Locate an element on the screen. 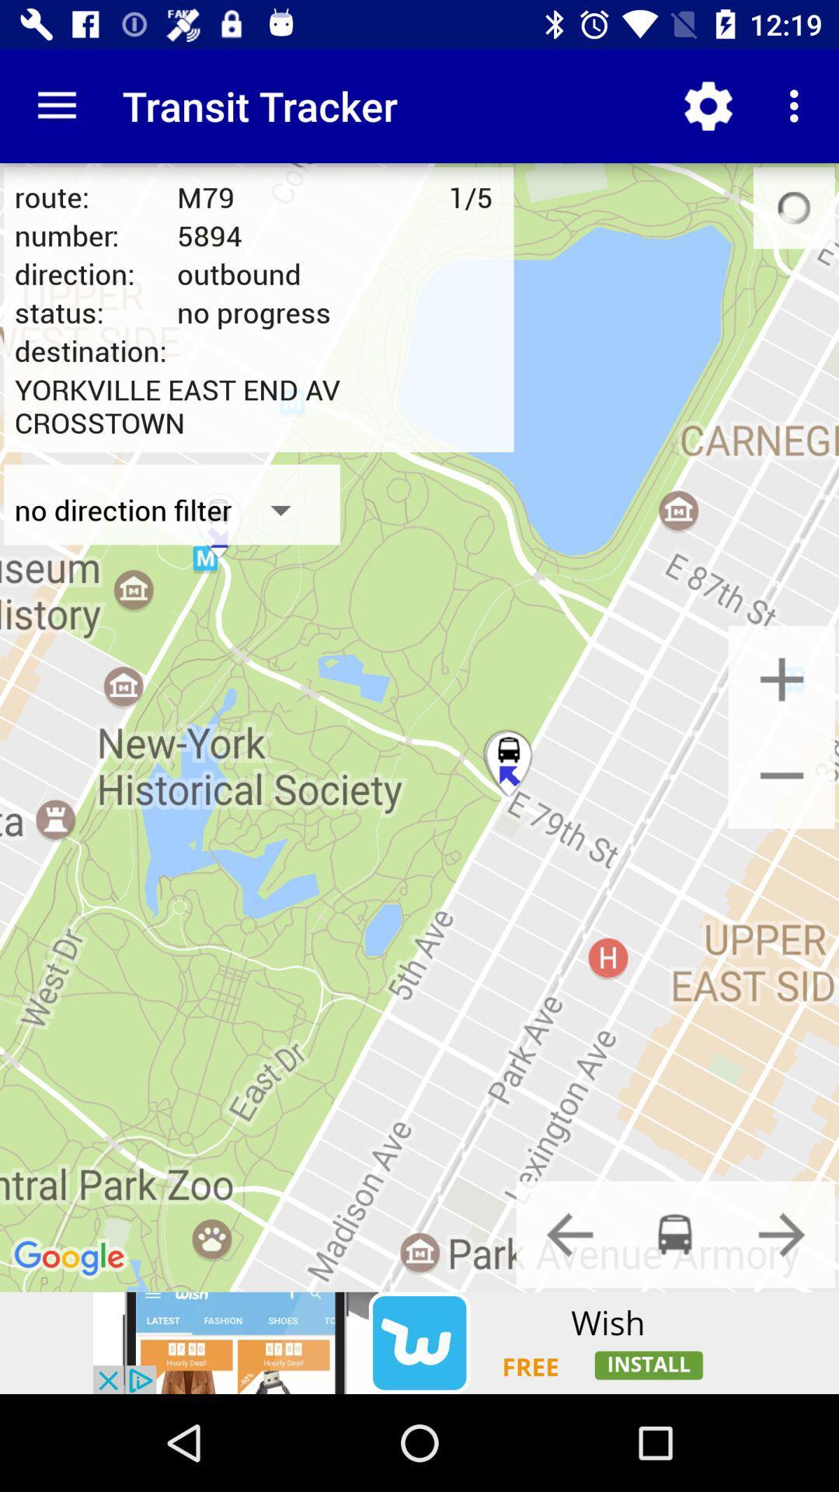 The image size is (839, 1492). go forward is located at coordinates (782, 1233).